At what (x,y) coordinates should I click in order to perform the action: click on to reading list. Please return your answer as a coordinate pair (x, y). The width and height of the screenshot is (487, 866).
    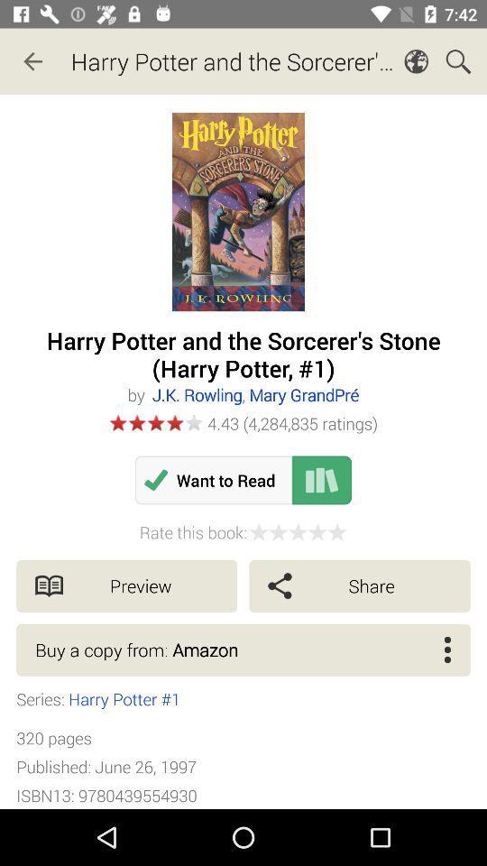
    Looking at the image, I should click on (321, 479).